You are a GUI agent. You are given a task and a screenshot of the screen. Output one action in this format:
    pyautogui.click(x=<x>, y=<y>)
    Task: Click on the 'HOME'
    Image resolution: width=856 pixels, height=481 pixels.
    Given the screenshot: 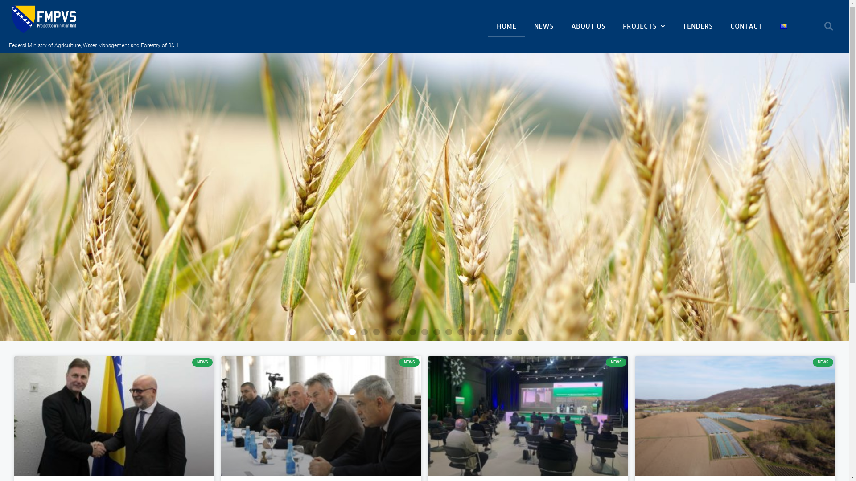 What is the action you would take?
    pyautogui.click(x=506, y=25)
    